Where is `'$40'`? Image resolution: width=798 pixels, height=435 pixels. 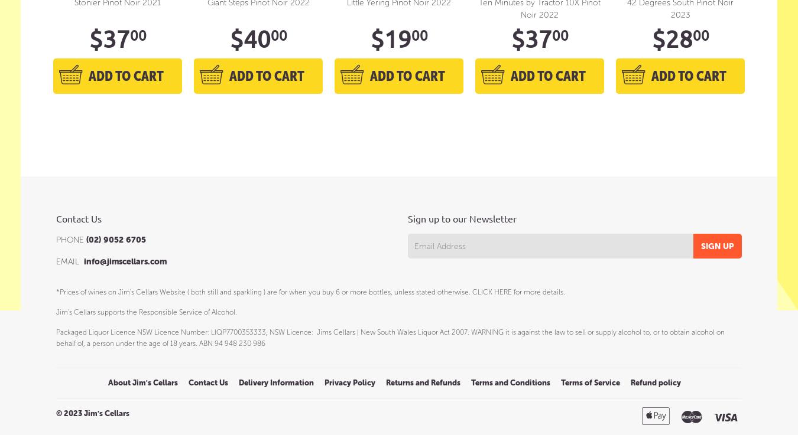 '$40' is located at coordinates (249, 38).